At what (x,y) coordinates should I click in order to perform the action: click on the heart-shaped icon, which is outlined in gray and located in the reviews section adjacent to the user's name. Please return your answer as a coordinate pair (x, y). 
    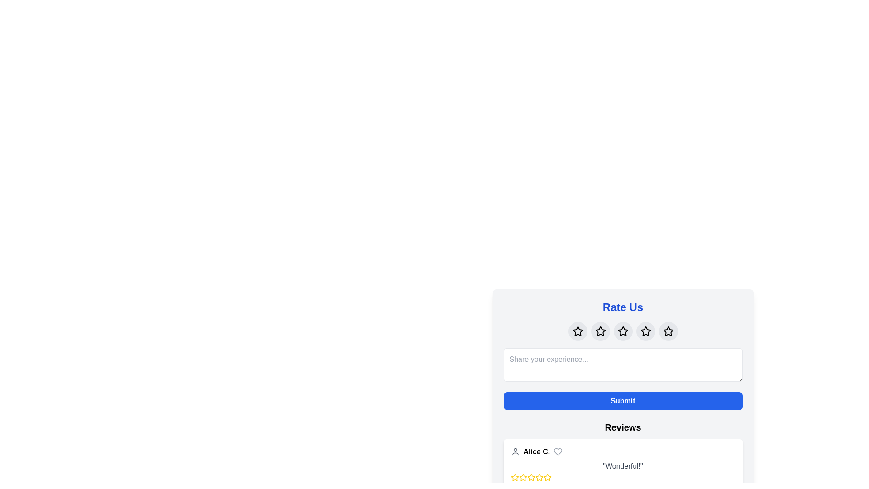
    Looking at the image, I should click on (558, 452).